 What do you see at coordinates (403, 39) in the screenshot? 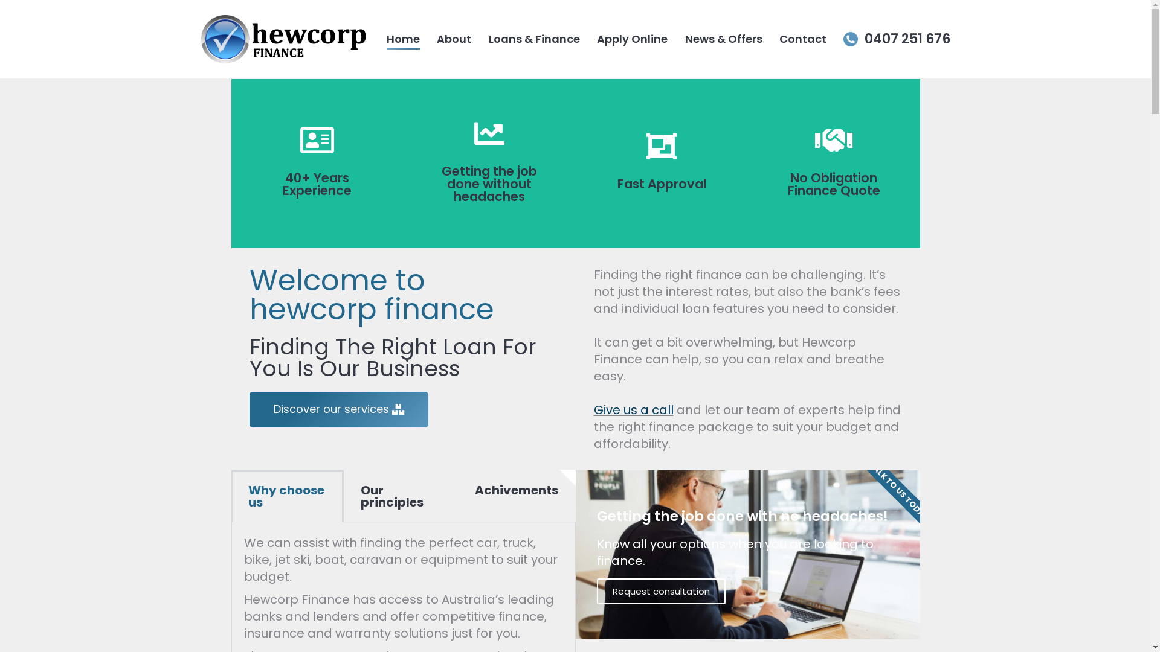
I see `'Home'` at bounding box center [403, 39].